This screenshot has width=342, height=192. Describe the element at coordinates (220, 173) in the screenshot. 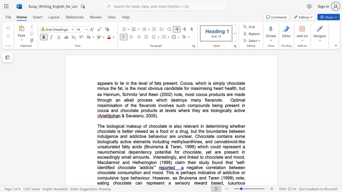

I see `the subset text "f addictive or compulsive" within the text "of addictive or compulsive type behaviour. However, as Bruinsma and Taren (1999) note, eating chocolate can"` at that location.